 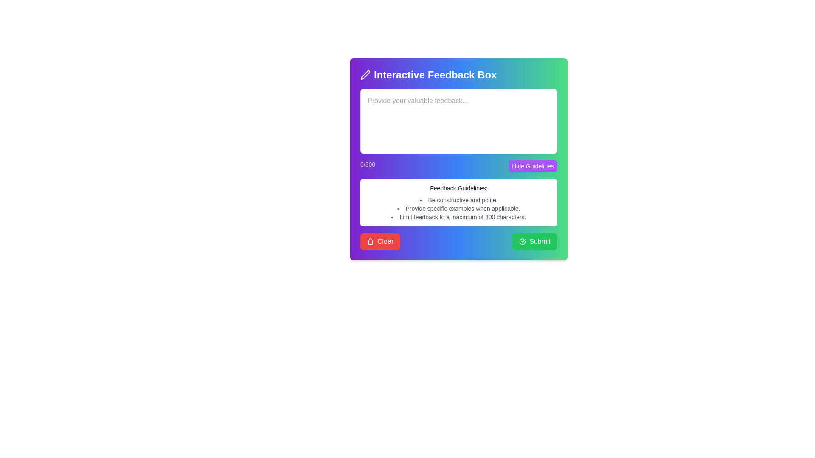 I want to click on the circular checkmark icon that reinforces the 'Submit' action, located to the left of the text 'Submit' in the button group at the bottom-right of the feedback box, so click(x=522, y=242).